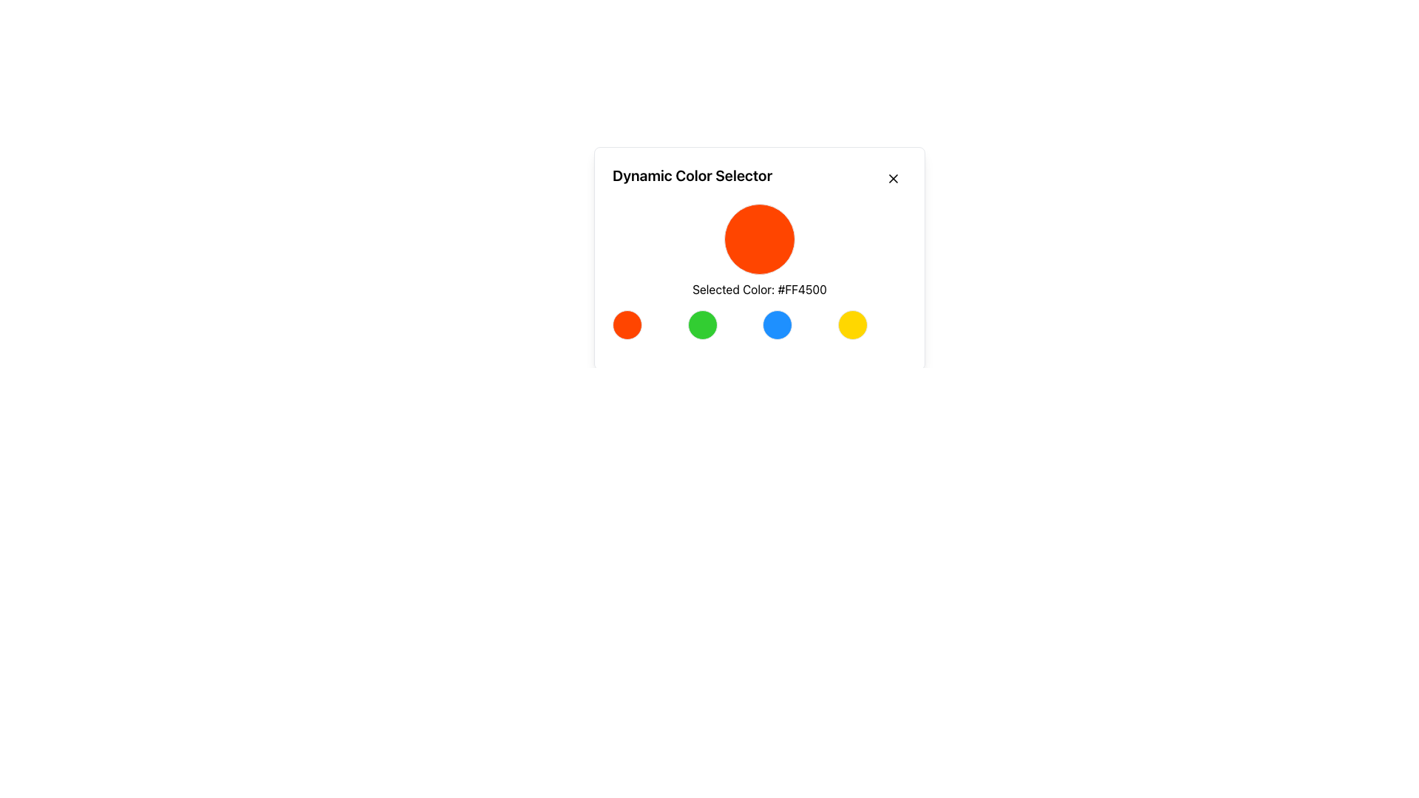 The image size is (1419, 798). Describe the element at coordinates (759, 258) in the screenshot. I see `the selected color represented by the color selection indicator located below the title text 'Dynamic Color Selector'` at that location.